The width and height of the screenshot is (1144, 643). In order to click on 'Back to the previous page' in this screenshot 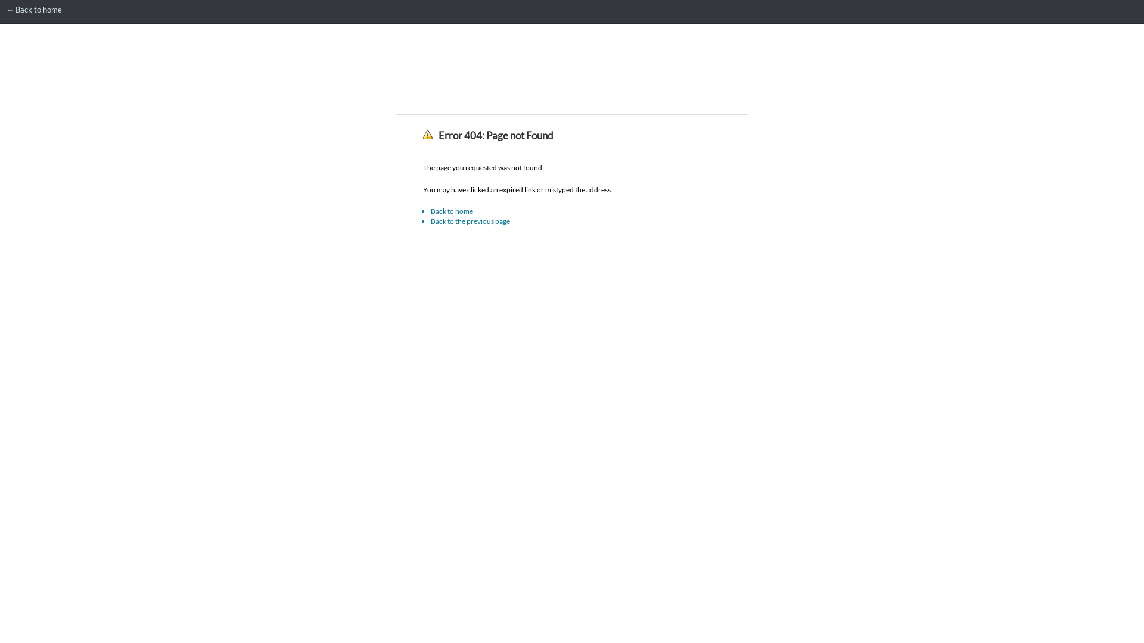, I will do `click(470, 221)`.